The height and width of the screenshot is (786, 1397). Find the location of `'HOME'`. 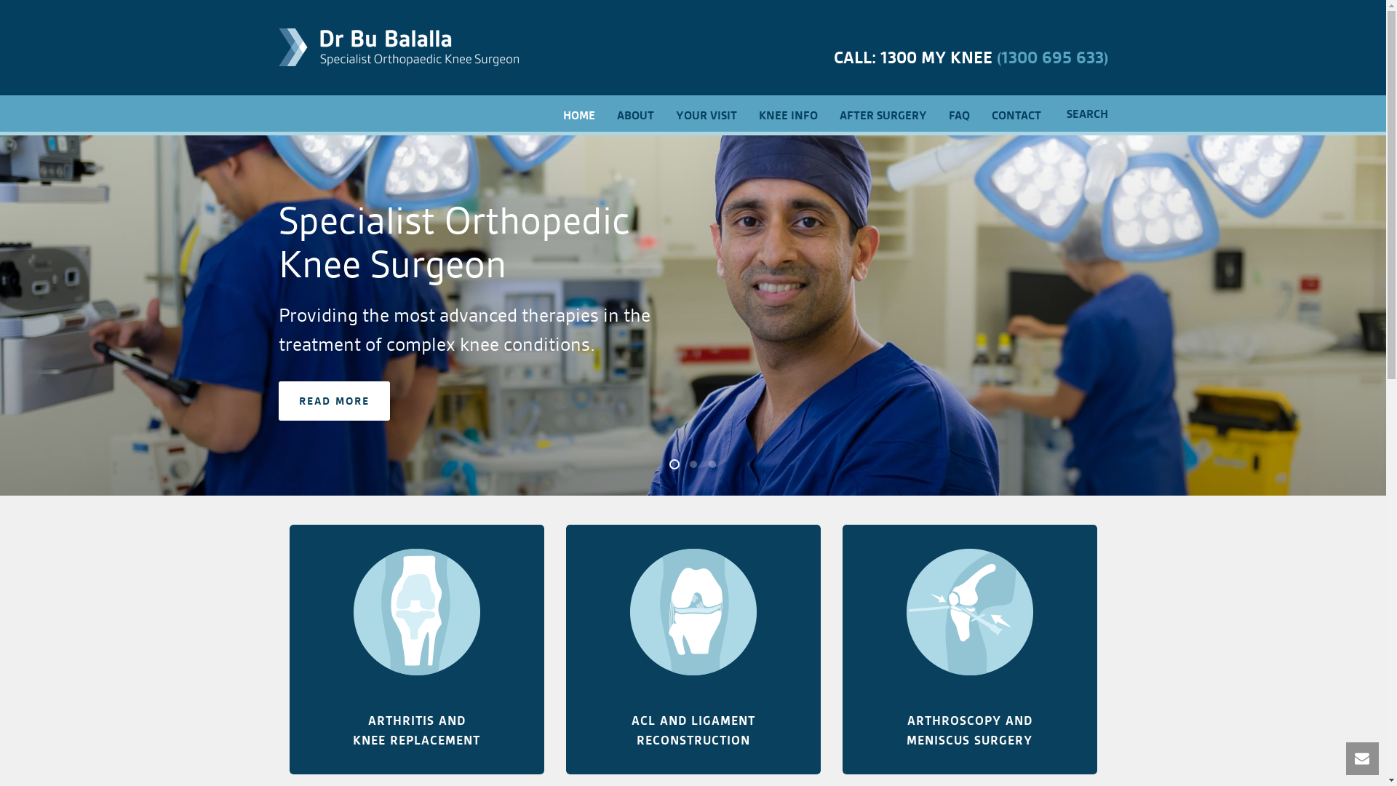

'HOME' is located at coordinates (551, 114).